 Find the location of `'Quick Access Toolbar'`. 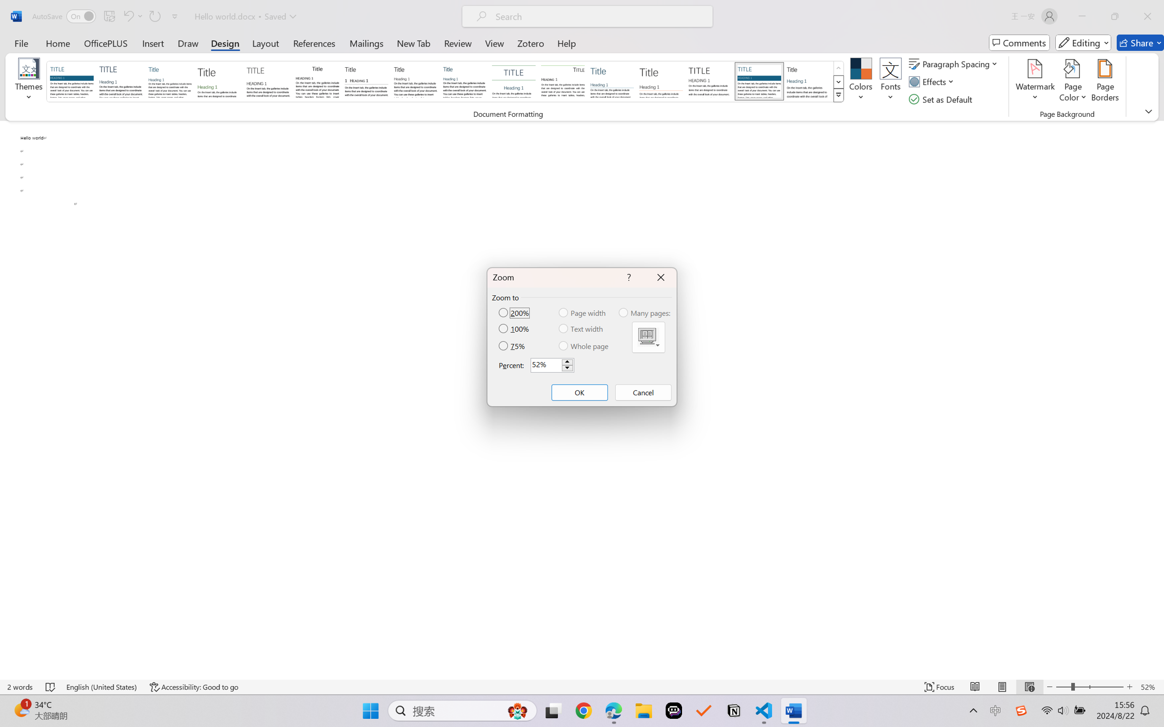

'Quick Access Toolbar' is located at coordinates (107, 16).